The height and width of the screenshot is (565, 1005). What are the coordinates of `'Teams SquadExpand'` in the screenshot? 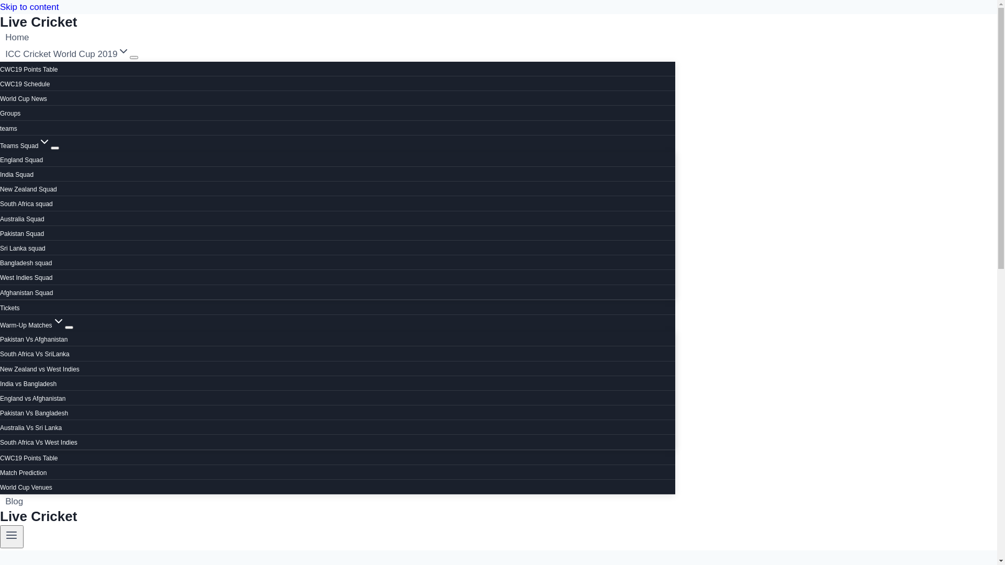 It's located at (25, 145).